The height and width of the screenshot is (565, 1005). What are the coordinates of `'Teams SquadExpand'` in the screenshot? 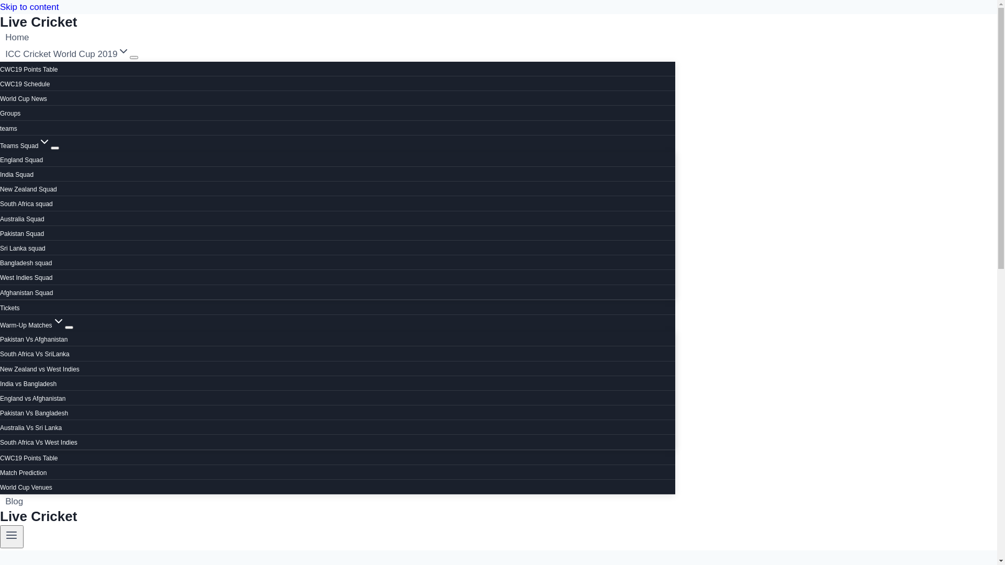 It's located at (25, 145).